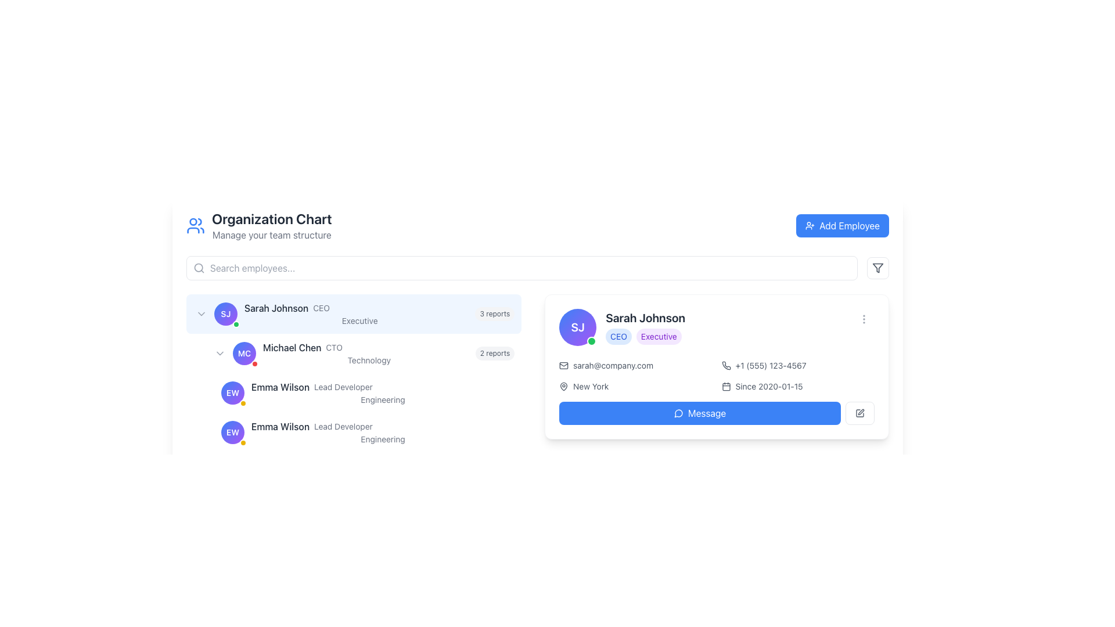 The height and width of the screenshot is (627, 1115). What do you see at coordinates (271, 226) in the screenshot?
I see `contents of the text block located in the top-left section of the interface, which serves as a title and description for managing the organization's team structure` at bounding box center [271, 226].